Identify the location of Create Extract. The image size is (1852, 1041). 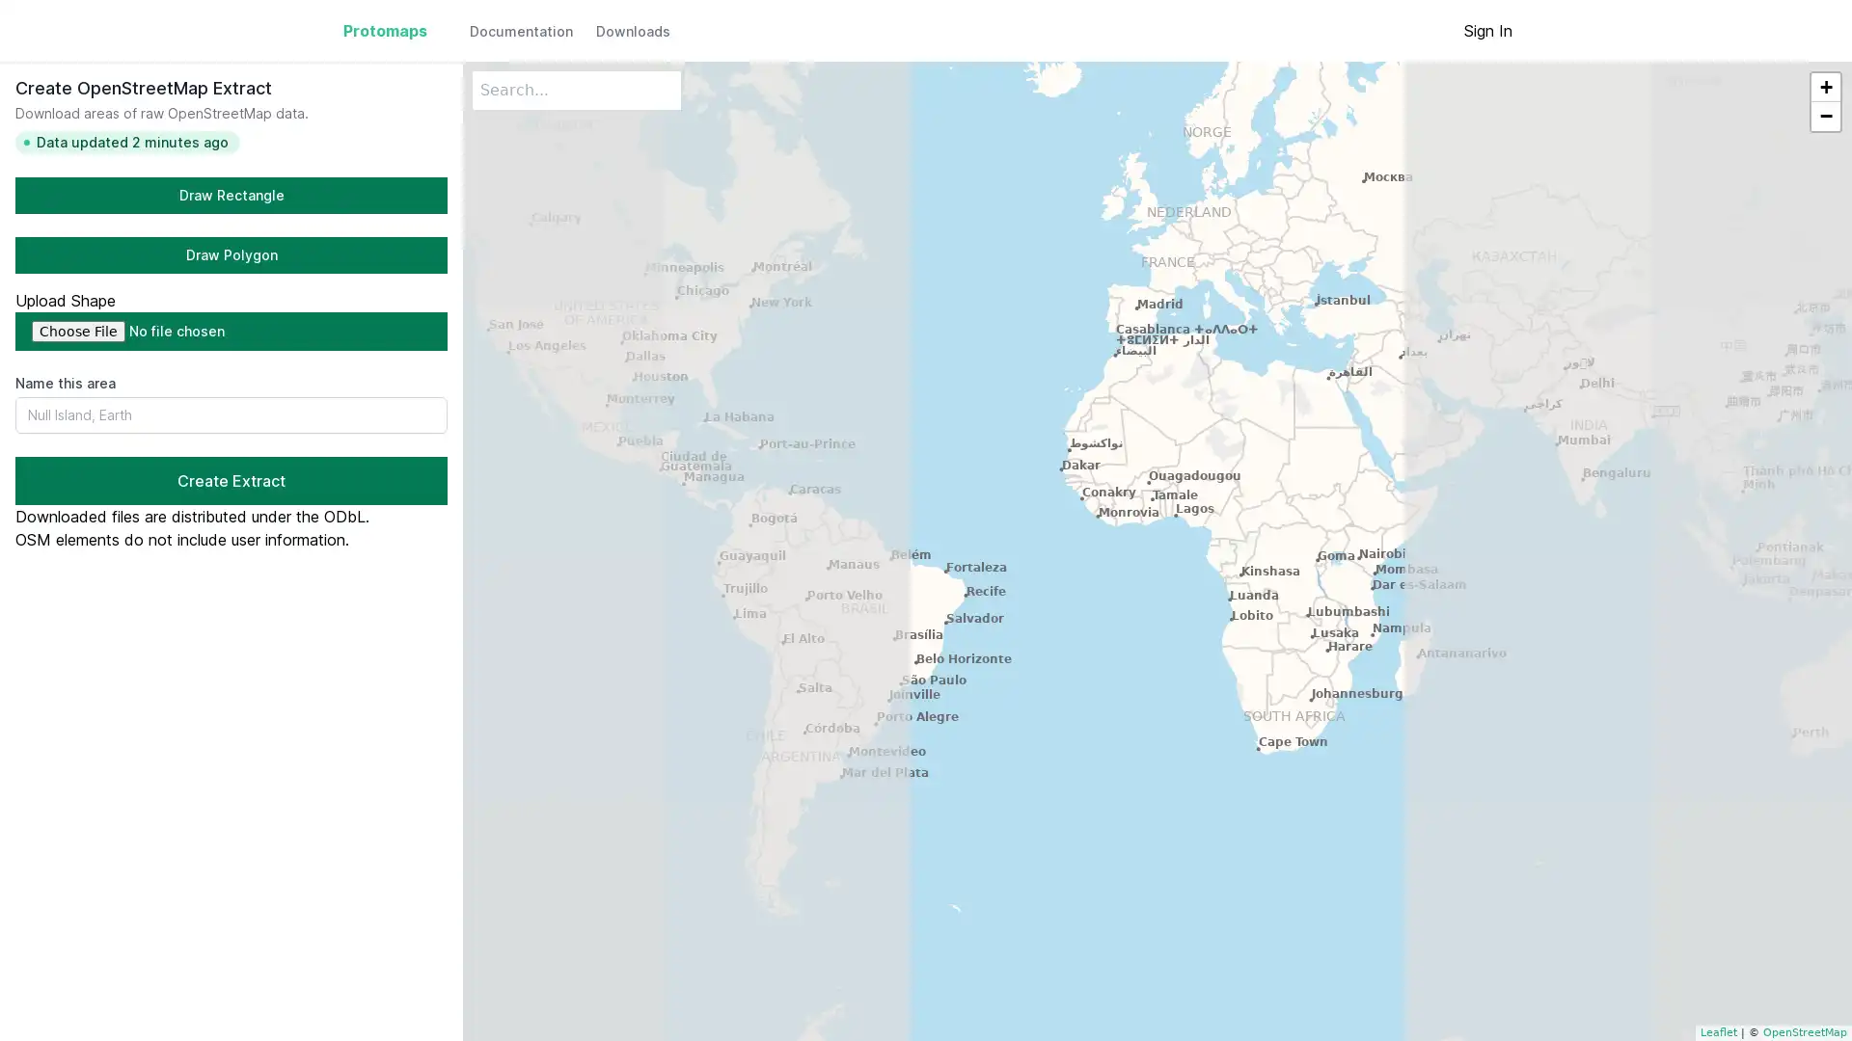
(231, 479).